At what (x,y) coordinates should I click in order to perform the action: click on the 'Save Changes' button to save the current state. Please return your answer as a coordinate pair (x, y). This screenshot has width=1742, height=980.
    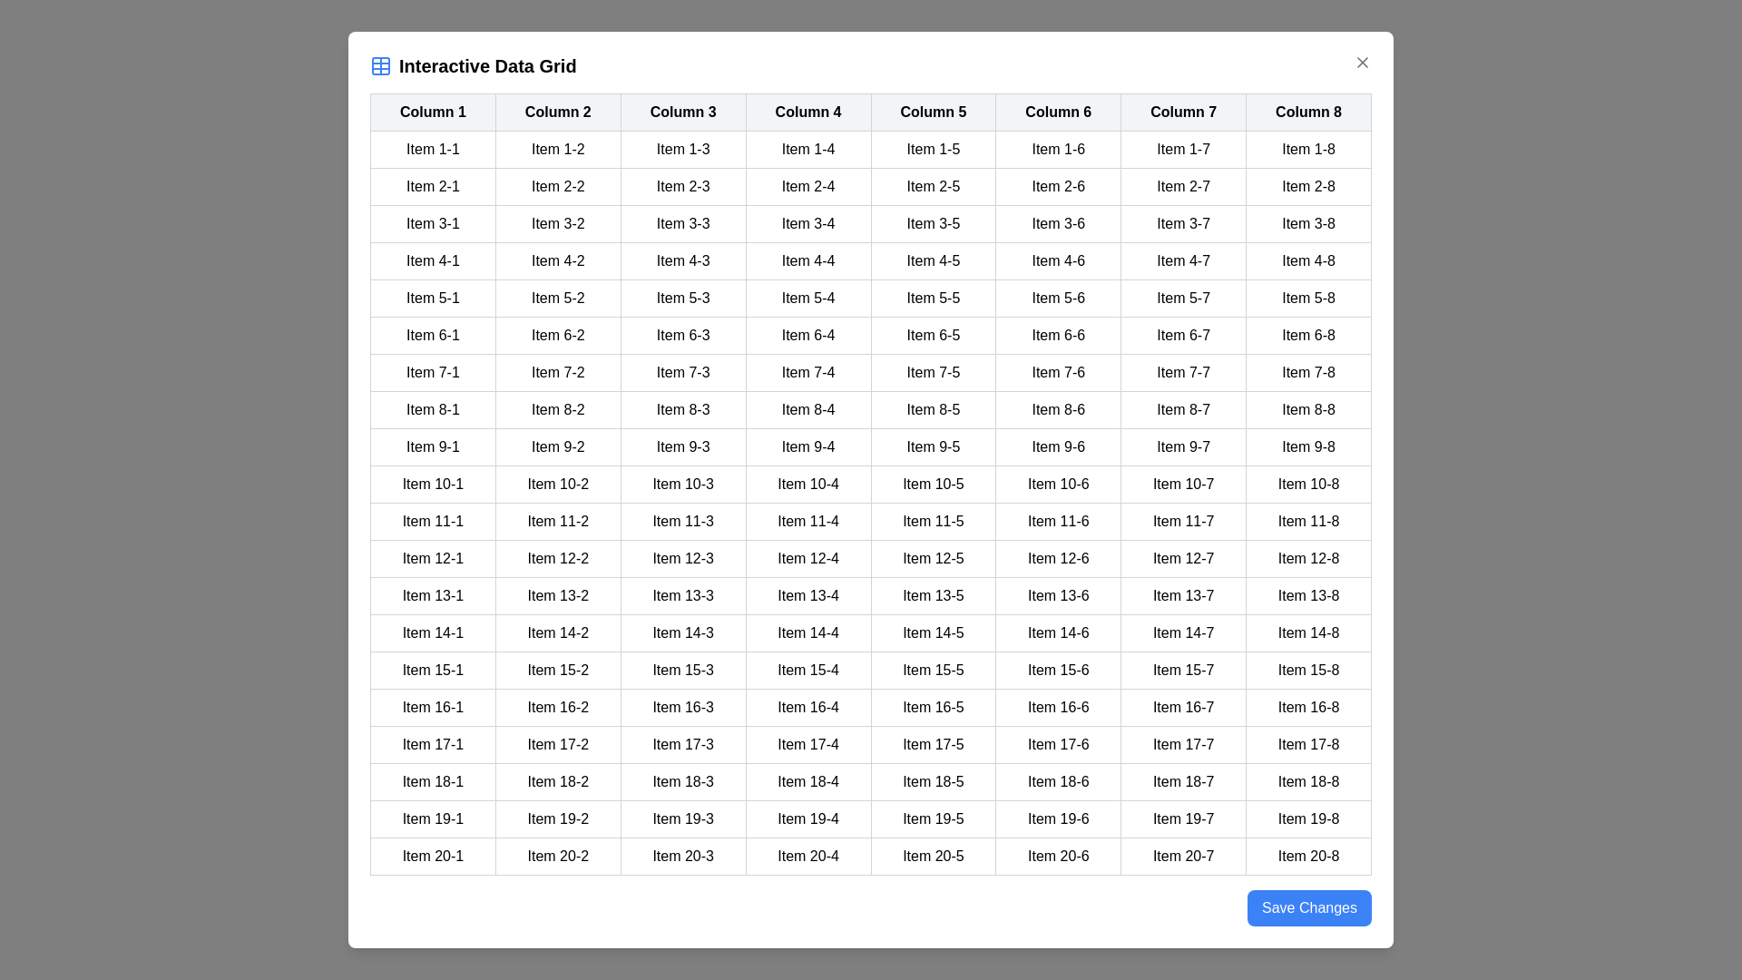
    Looking at the image, I should click on (1309, 908).